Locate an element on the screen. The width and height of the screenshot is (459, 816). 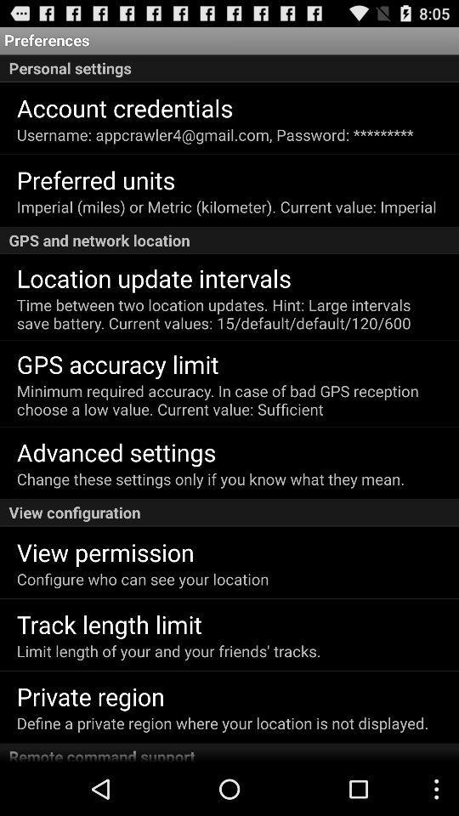
app above the location update intervals icon is located at coordinates (229, 240).